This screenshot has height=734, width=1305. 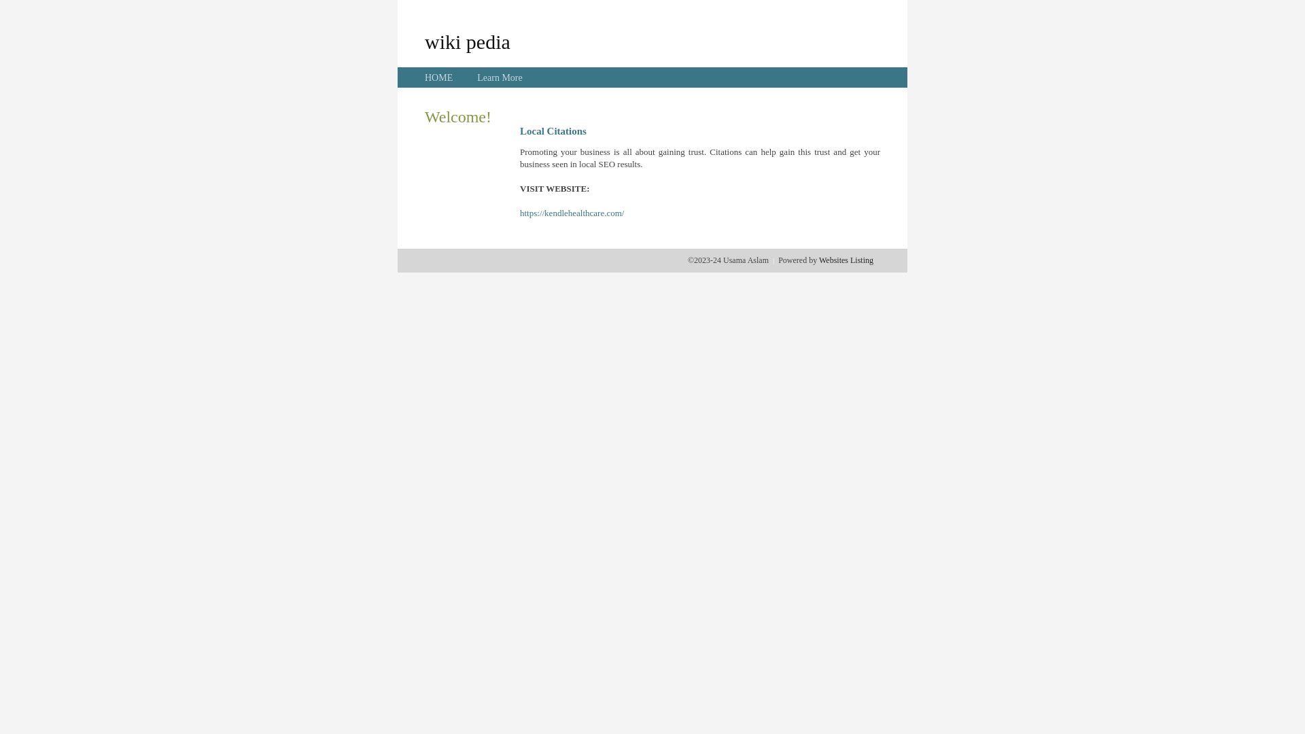 What do you see at coordinates (467, 41) in the screenshot?
I see `'wiki pedia'` at bounding box center [467, 41].